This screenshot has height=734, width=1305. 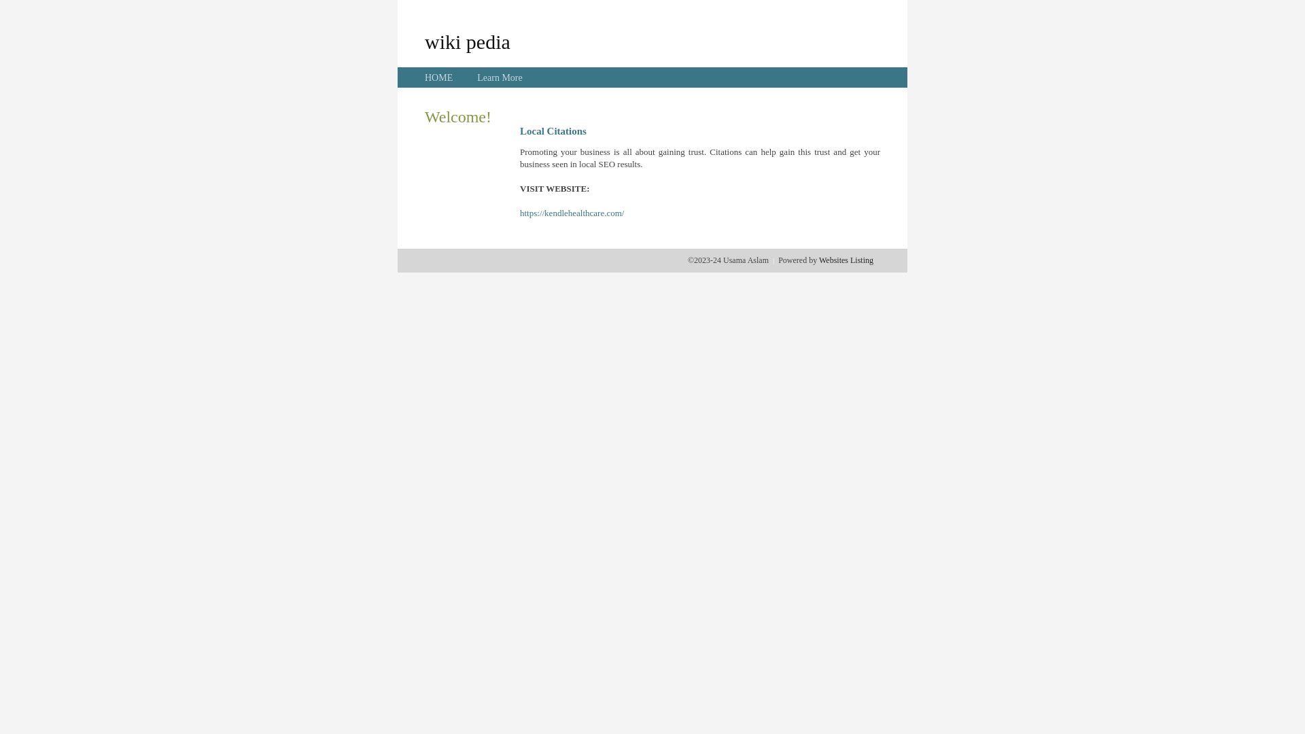 What do you see at coordinates (467, 41) in the screenshot?
I see `'wiki pedia'` at bounding box center [467, 41].